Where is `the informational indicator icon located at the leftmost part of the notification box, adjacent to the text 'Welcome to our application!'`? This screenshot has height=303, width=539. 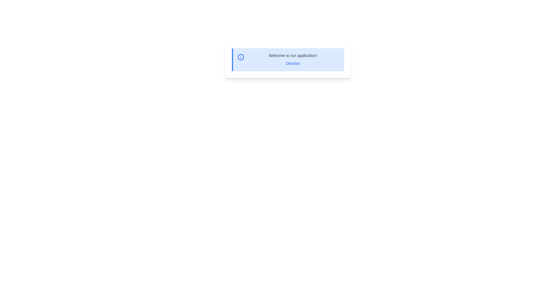 the informational indicator icon located at the leftmost part of the notification box, adjacent to the text 'Welcome to our application!' is located at coordinates (241, 57).